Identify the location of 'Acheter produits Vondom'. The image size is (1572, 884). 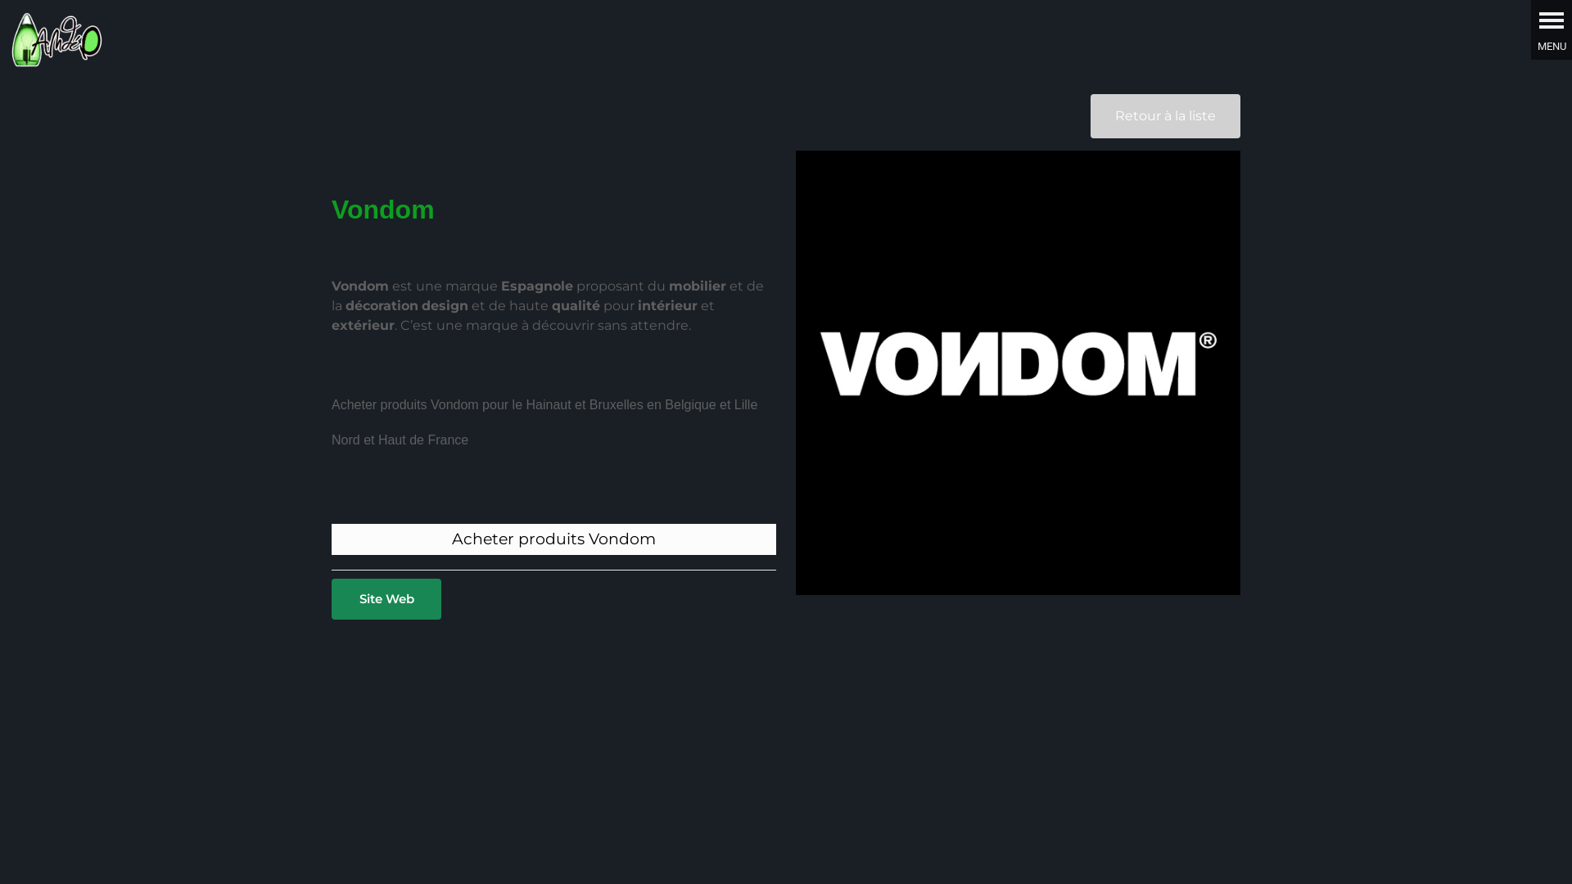
(452, 539).